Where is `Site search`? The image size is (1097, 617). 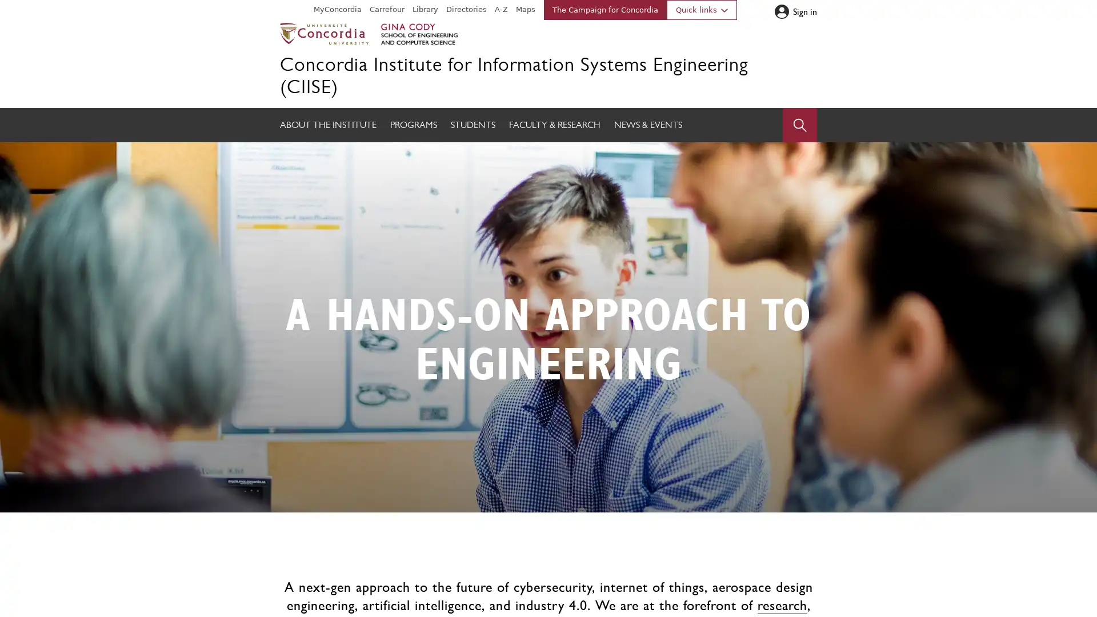
Site search is located at coordinates (799, 125).